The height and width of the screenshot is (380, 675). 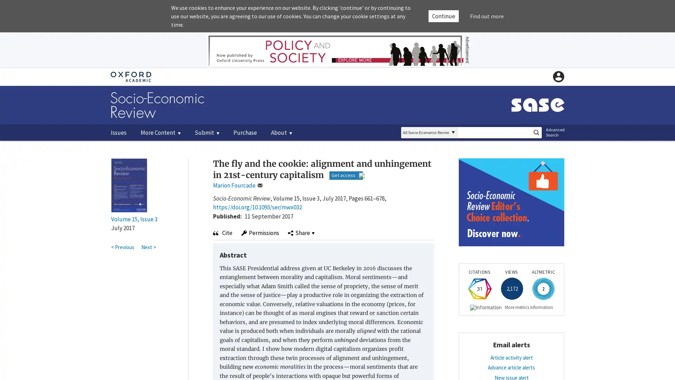 I want to click on More Content, so click(x=160, y=132).